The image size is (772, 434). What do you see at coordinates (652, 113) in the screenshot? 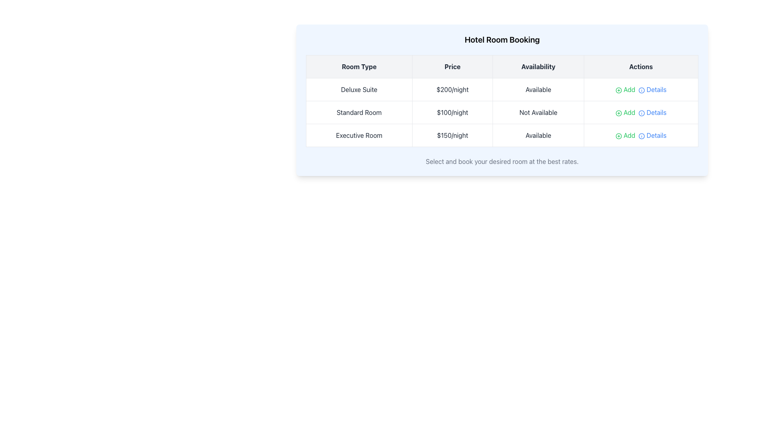
I see `the 'Details' text link with an accompanying icon in the 'Actions' column of the second row in the 'Hotel Room Booking' table` at bounding box center [652, 113].